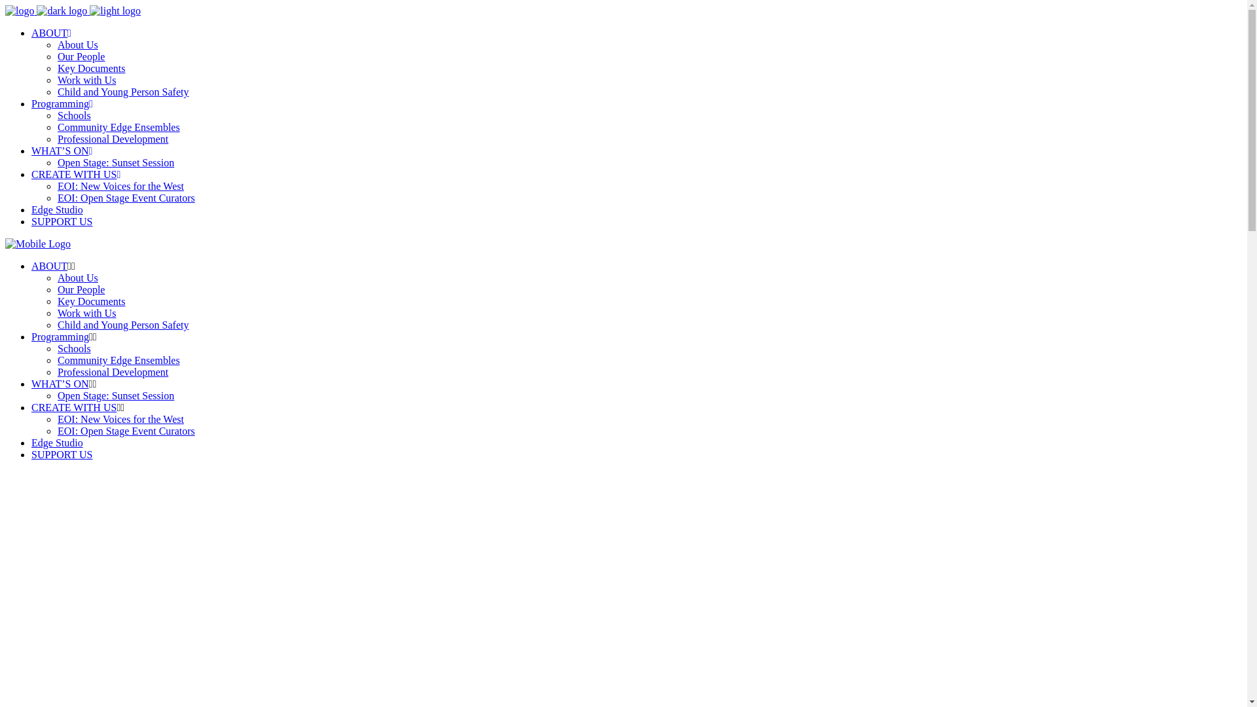 This screenshot has width=1257, height=707. Describe the element at coordinates (90, 301) in the screenshot. I see `'Key Documents'` at that location.